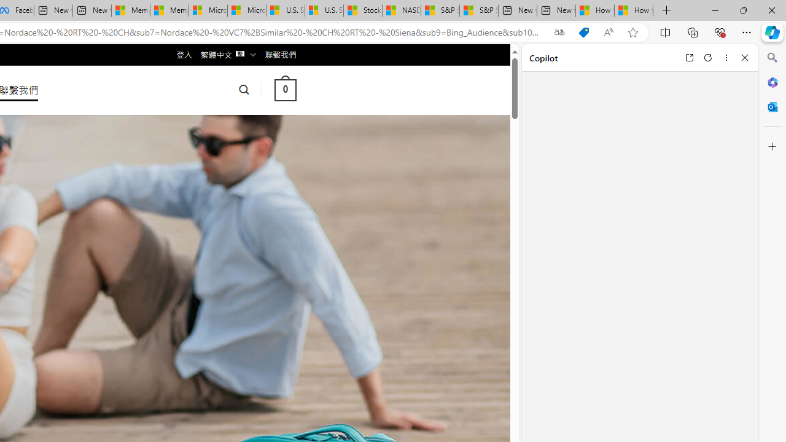 The height and width of the screenshot is (442, 786). I want to click on 'Outlook', so click(772, 106).